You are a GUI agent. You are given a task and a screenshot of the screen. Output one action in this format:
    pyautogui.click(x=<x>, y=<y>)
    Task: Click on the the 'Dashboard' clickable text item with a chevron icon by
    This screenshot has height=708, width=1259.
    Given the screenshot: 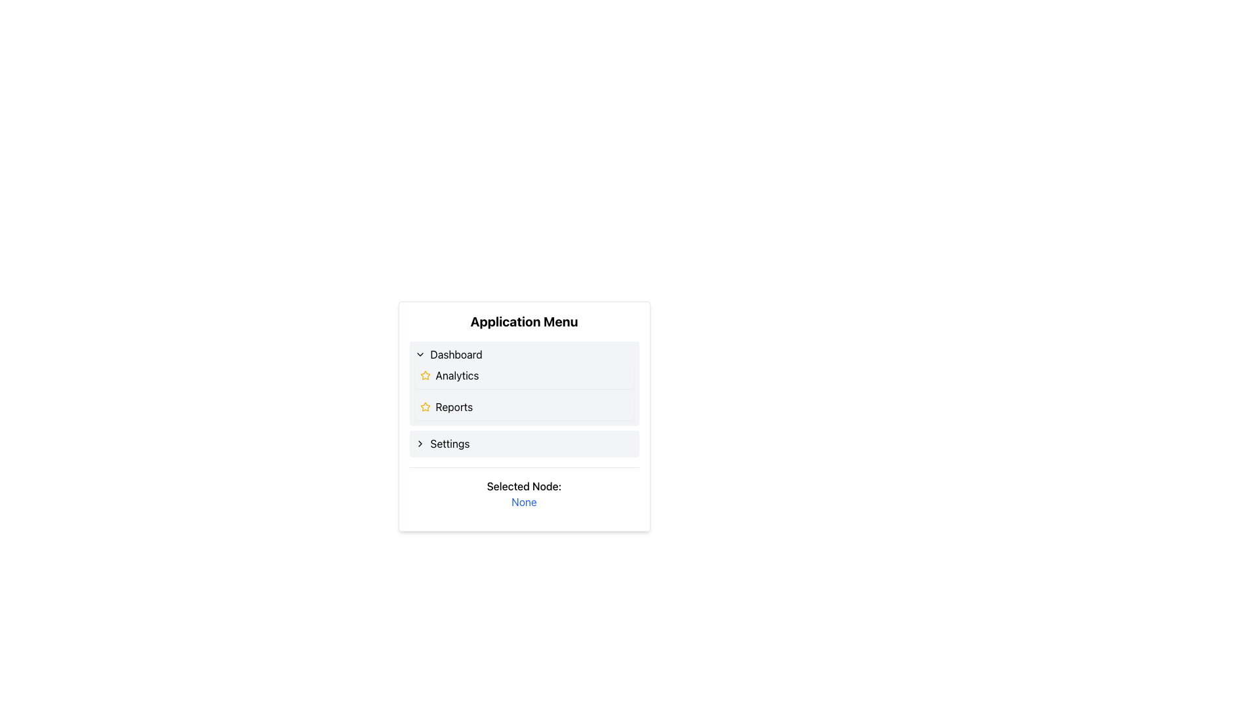 What is the action you would take?
    pyautogui.click(x=523, y=354)
    